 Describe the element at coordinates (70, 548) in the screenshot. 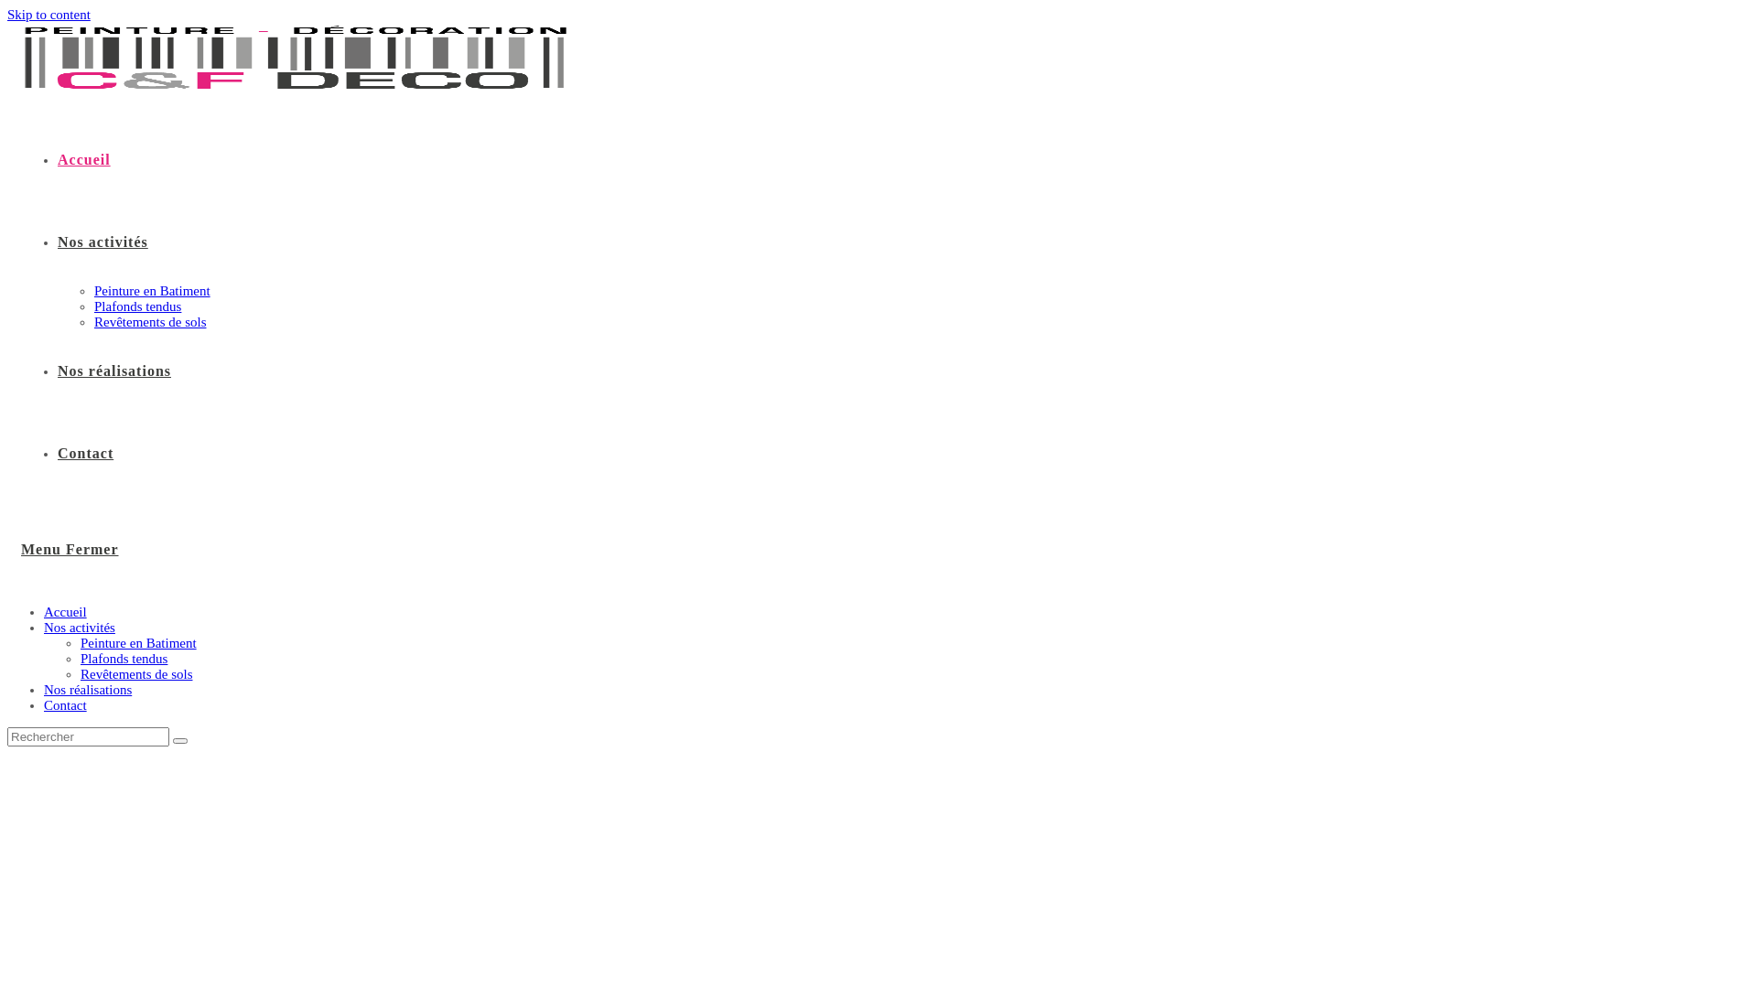

I see `'Menu Fermer'` at that location.